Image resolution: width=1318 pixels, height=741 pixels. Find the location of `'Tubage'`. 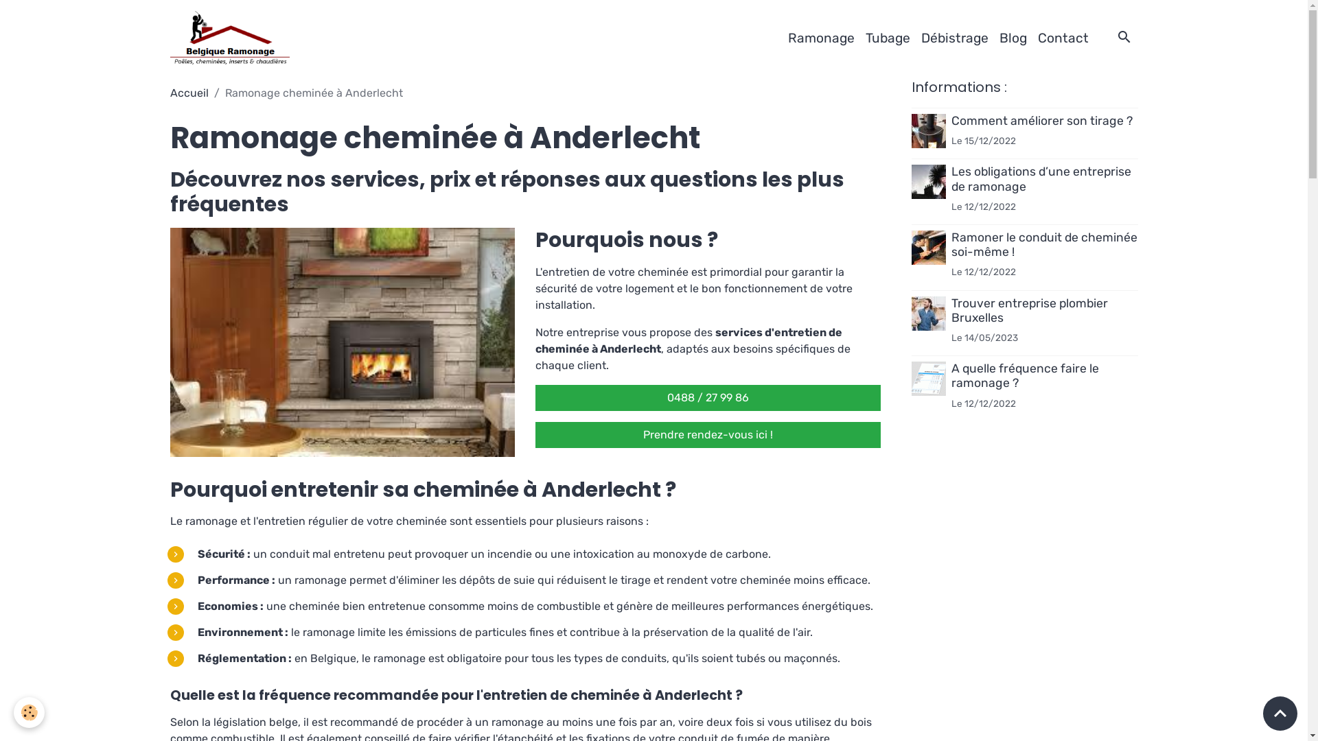

'Tubage' is located at coordinates (887, 38).